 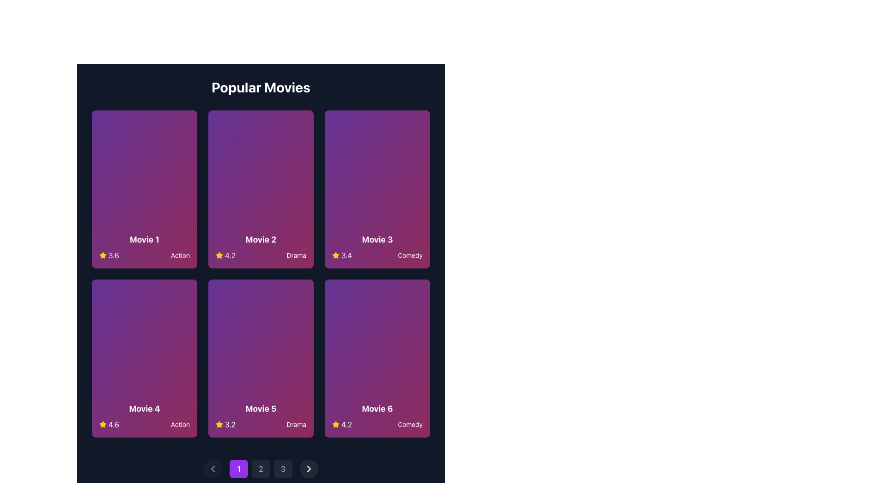 I want to click on the fourth movie presentation card located in the grid layout, so click(x=144, y=358).